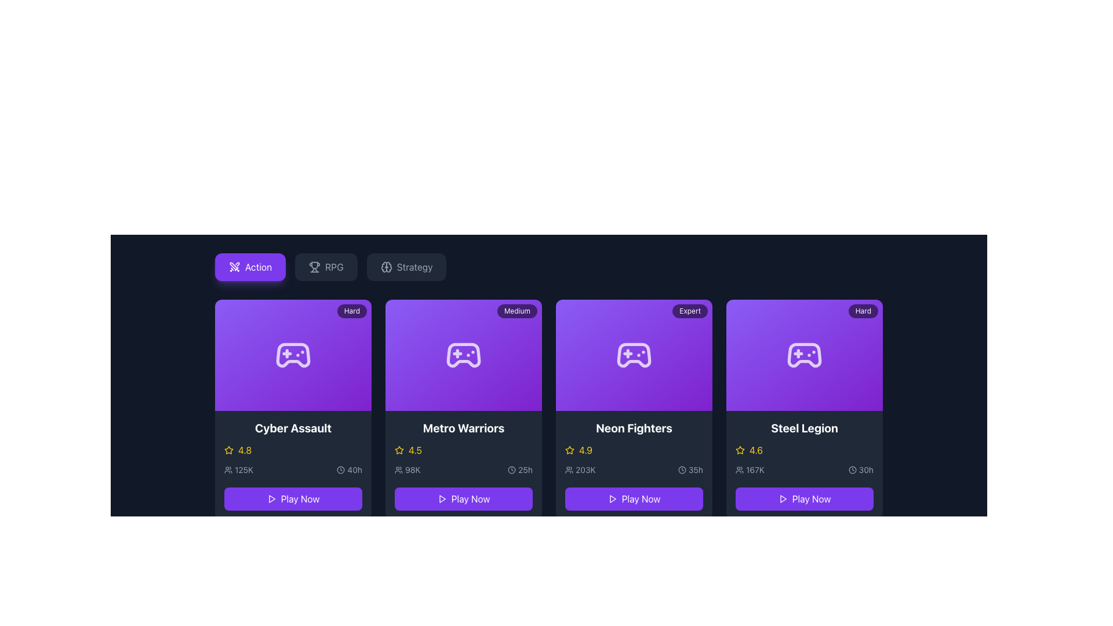  Describe the element at coordinates (569, 469) in the screenshot. I see `the SVG icon resembling a group of people located in the bottom-left area of the 'Neon Fighters' card, adjacent to the text '203K'` at that location.